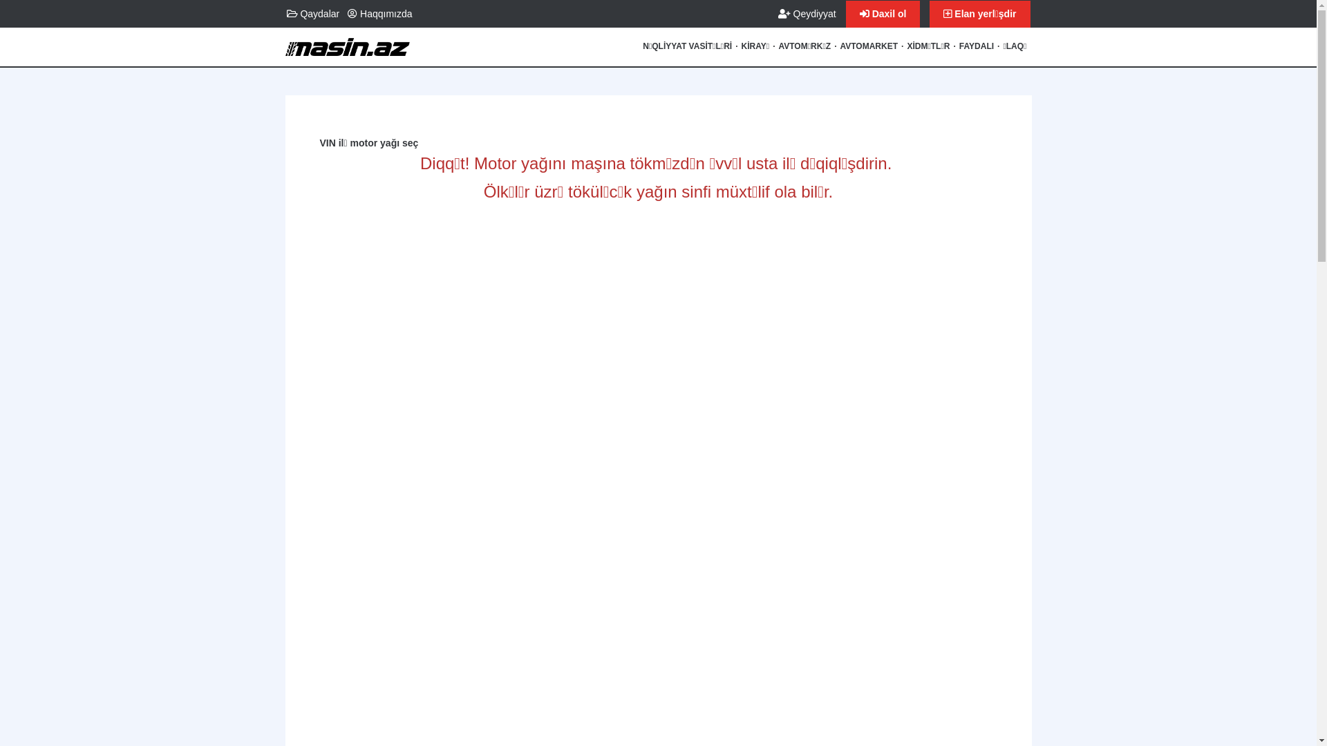 This screenshot has height=746, width=1327. Describe the element at coordinates (284, 52) in the screenshot. I see `'Loqotip'` at that location.